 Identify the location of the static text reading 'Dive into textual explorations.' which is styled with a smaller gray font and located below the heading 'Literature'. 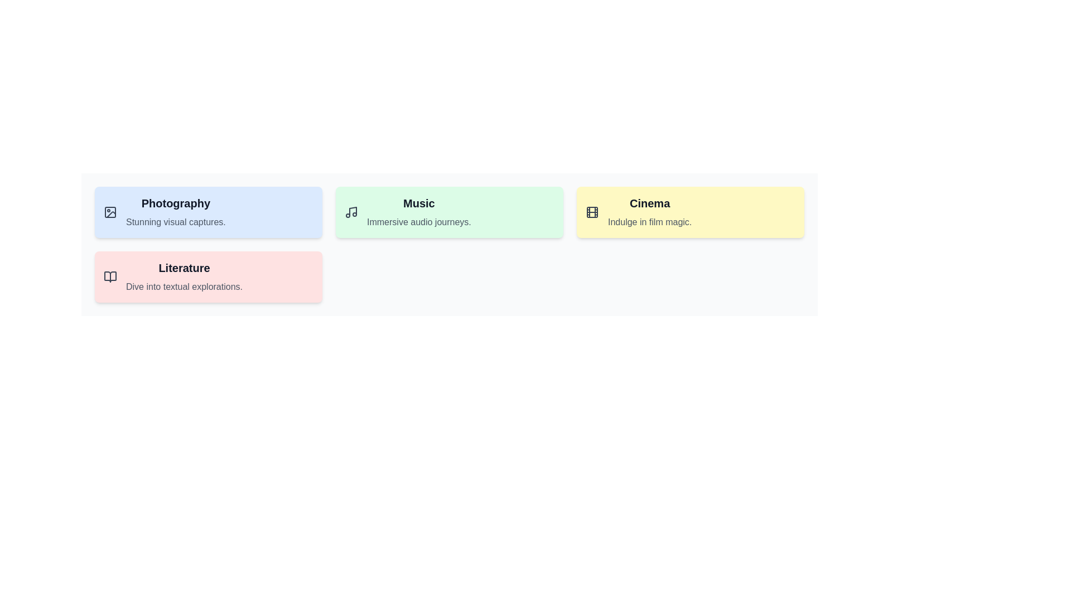
(184, 287).